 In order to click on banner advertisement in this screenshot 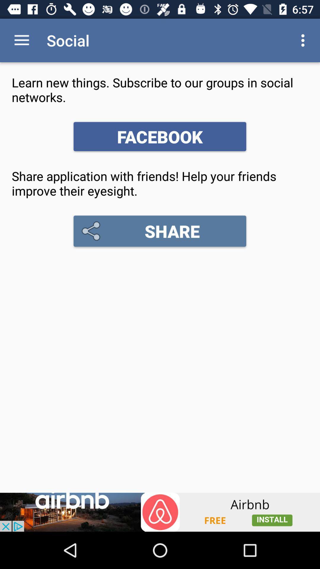, I will do `click(160, 512)`.